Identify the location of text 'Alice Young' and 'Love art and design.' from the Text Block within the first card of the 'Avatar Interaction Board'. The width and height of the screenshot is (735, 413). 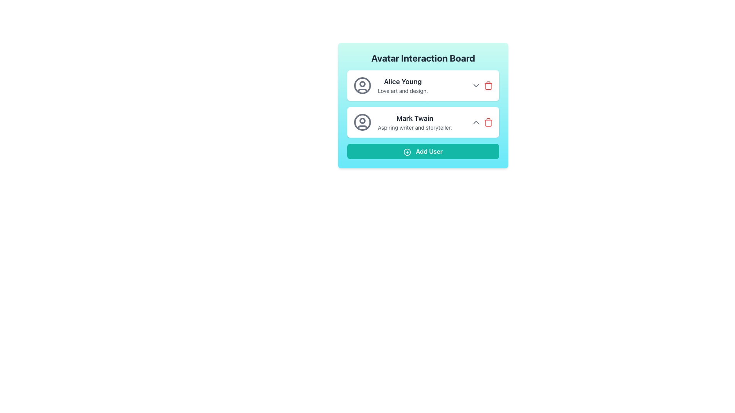
(402, 85).